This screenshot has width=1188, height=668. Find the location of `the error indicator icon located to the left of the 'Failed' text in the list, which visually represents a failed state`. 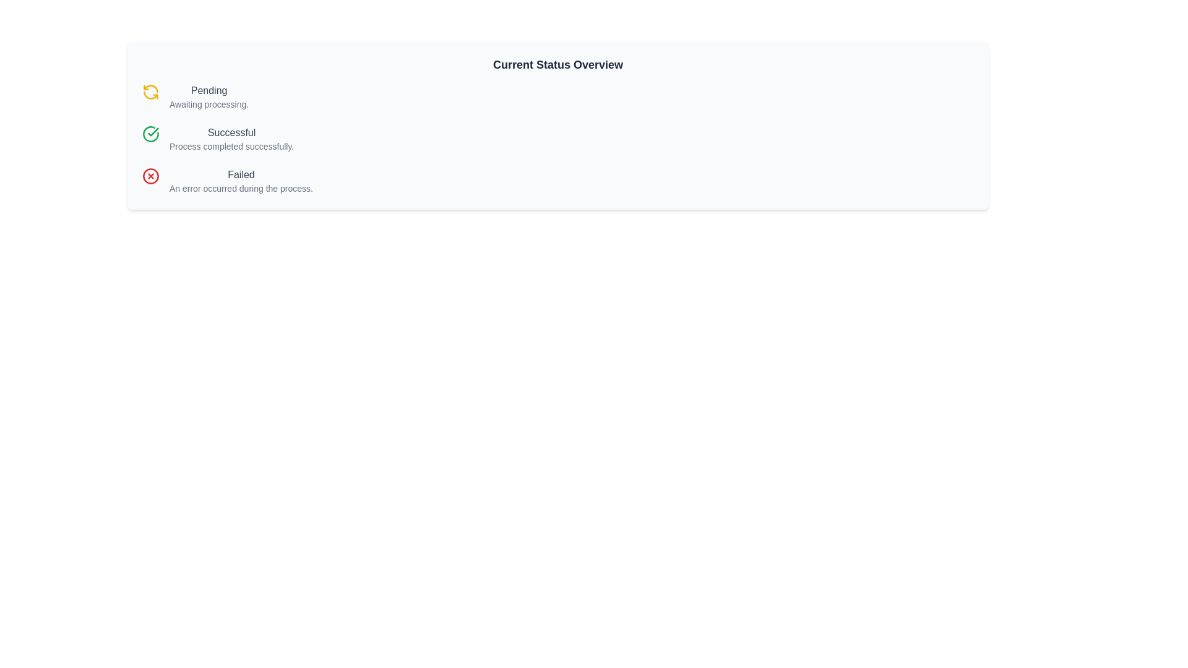

the error indicator icon located to the left of the 'Failed' text in the list, which visually represents a failed state is located at coordinates (150, 176).